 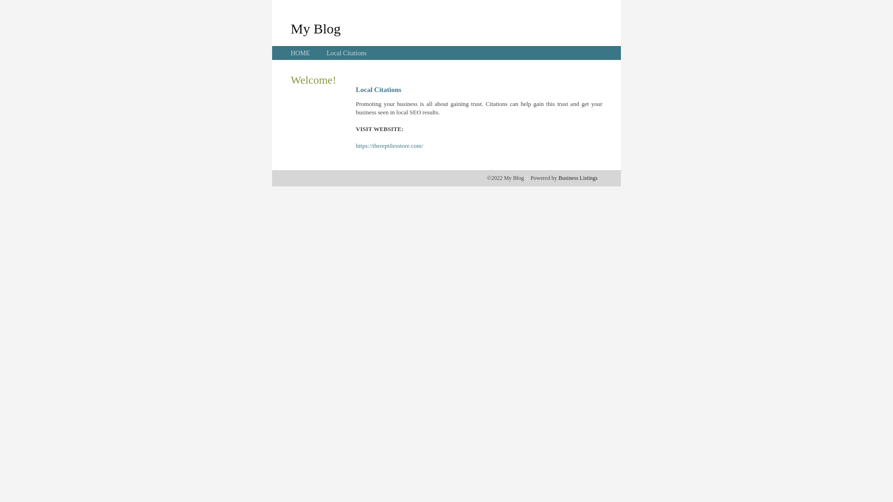 I want to click on 'My Blog', so click(x=315, y=28).